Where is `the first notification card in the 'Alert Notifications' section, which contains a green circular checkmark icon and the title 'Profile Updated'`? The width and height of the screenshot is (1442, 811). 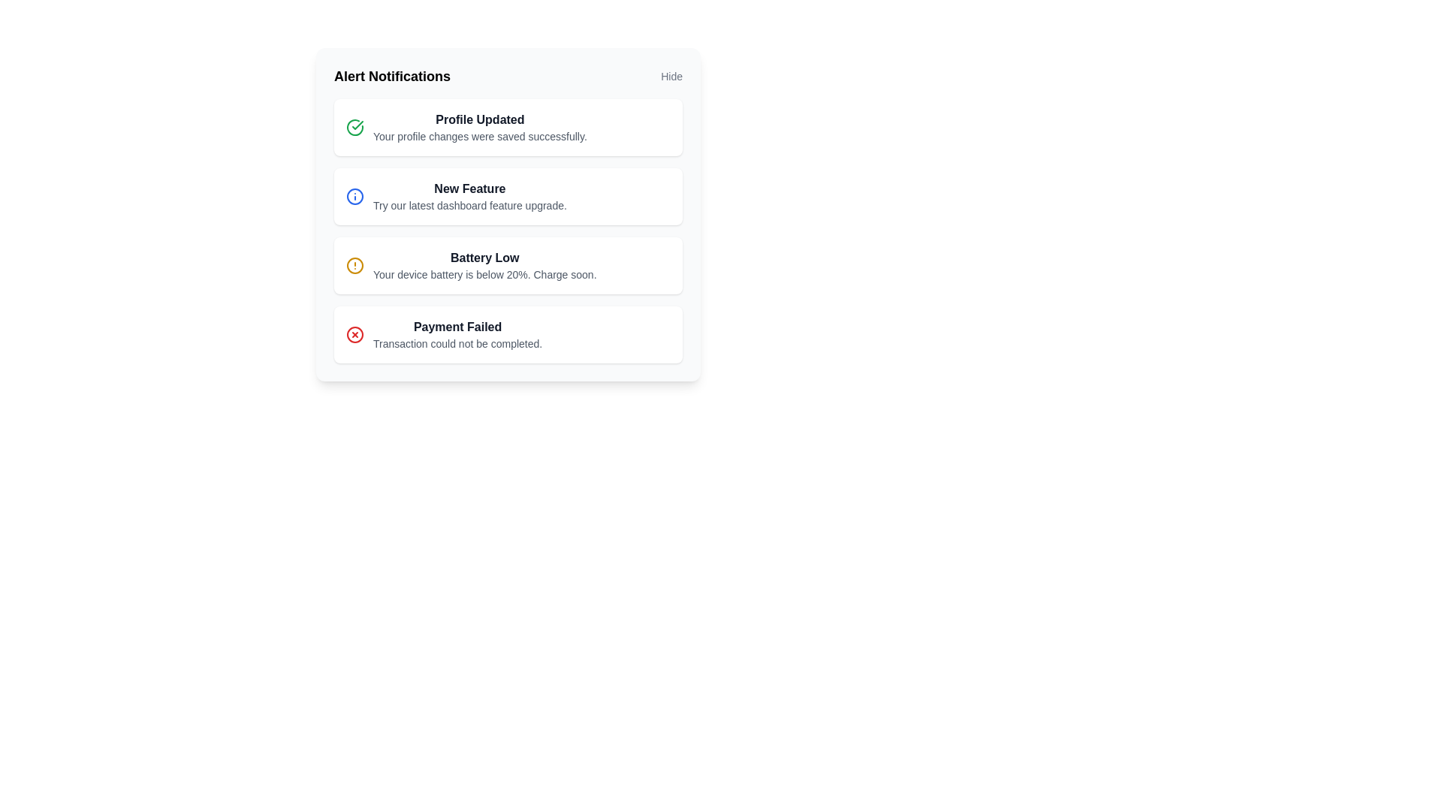 the first notification card in the 'Alert Notifications' section, which contains a green circular checkmark icon and the title 'Profile Updated' is located at coordinates (508, 126).